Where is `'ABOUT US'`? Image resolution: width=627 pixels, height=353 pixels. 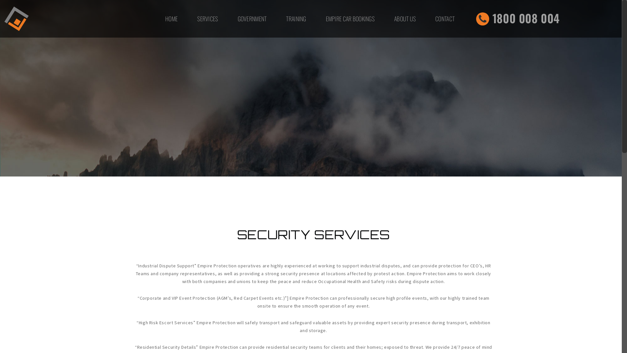
'ABOUT US' is located at coordinates (404, 18).